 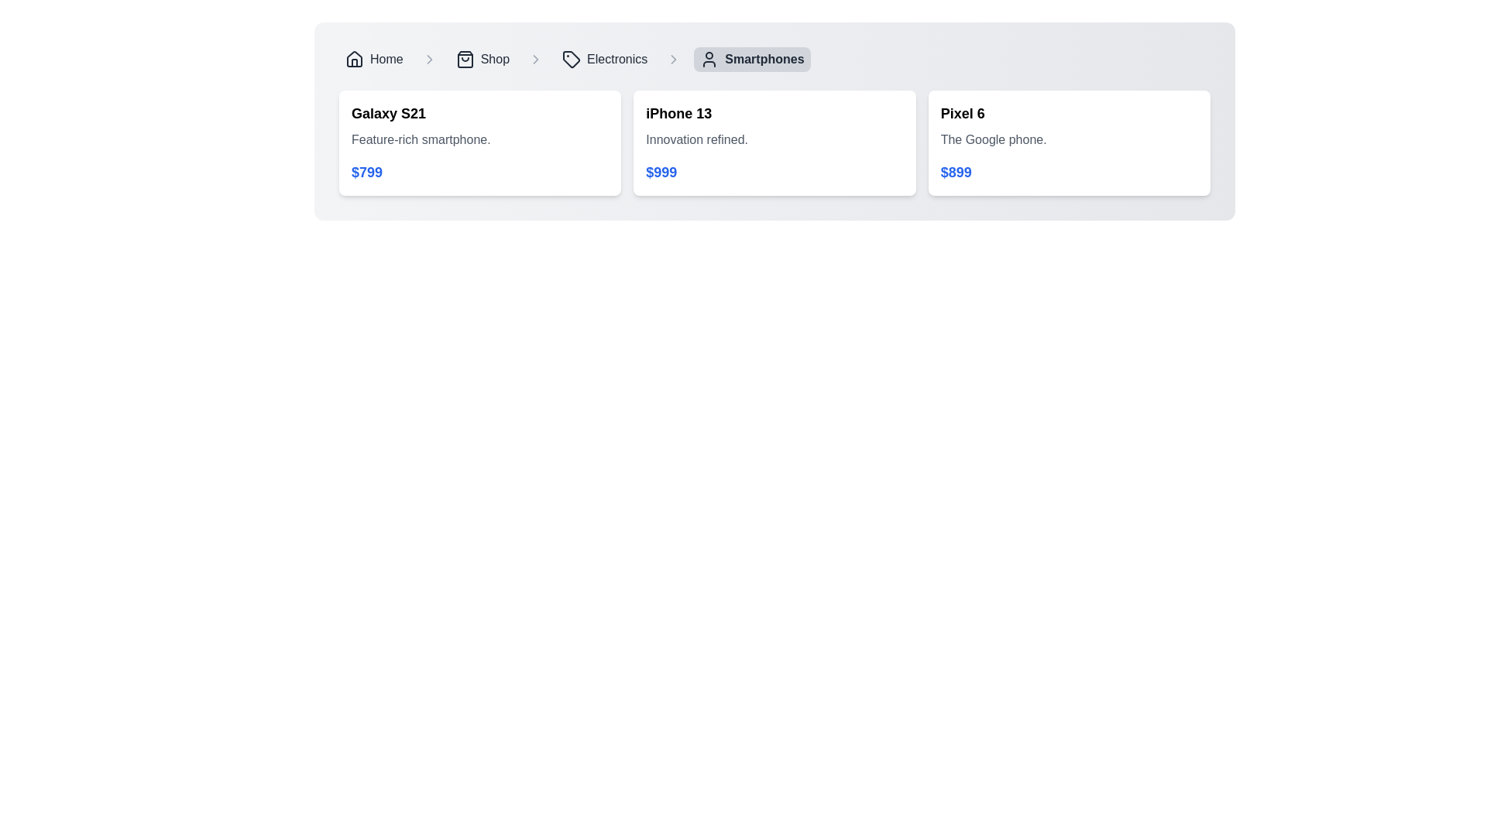 What do you see at coordinates (696, 140) in the screenshot?
I see `the text display element that reads 'Innovation refined.' located within the iPhone 13 product card` at bounding box center [696, 140].